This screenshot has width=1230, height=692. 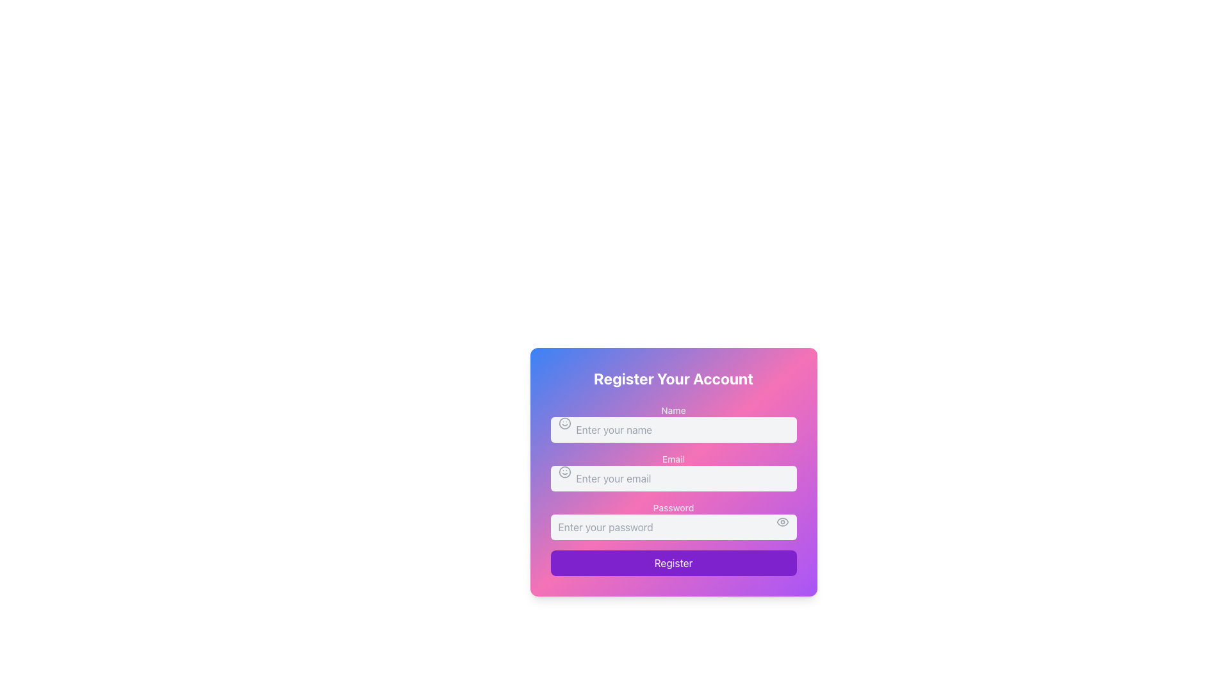 What do you see at coordinates (782, 522) in the screenshot?
I see `the eye-shaped icon located at the right end of the 'Password' input field in the registration form to receive tooltip information` at bounding box center [782, 522].